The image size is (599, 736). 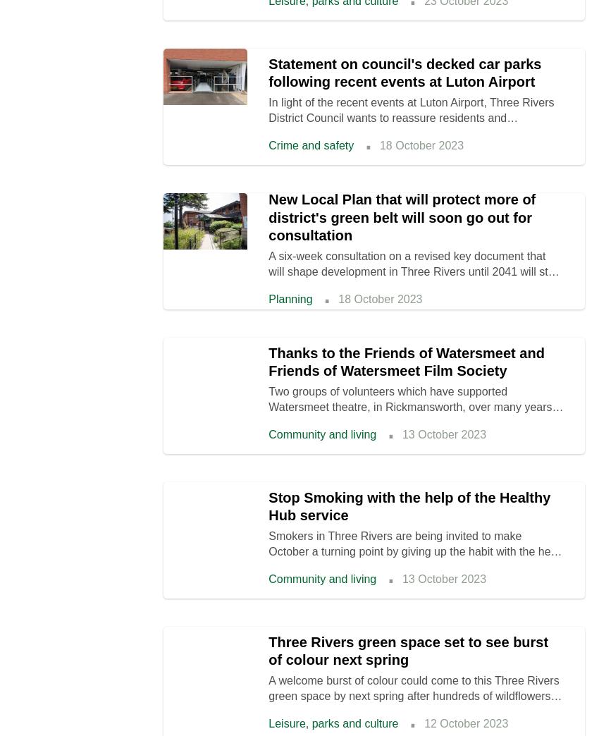 I want to click on 'Thanks to the Friends of Watersmeet and Friends of Watersmeet Film Society', so click(x=406, y=362).